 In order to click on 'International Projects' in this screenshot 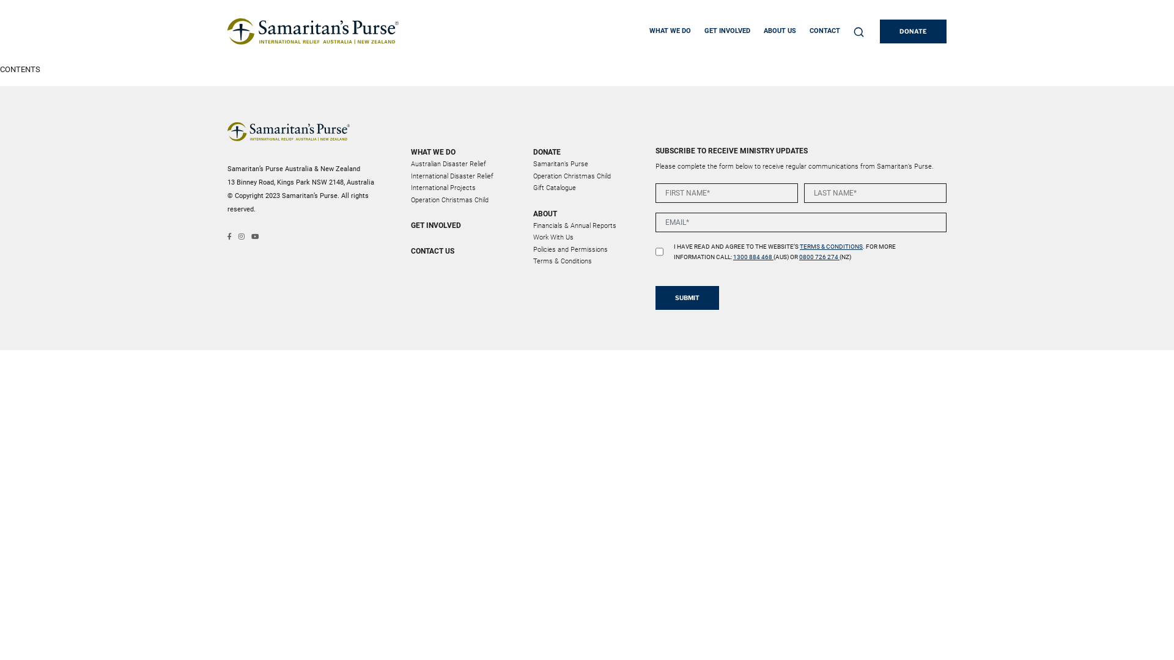, I will do `click(442, 188)`.